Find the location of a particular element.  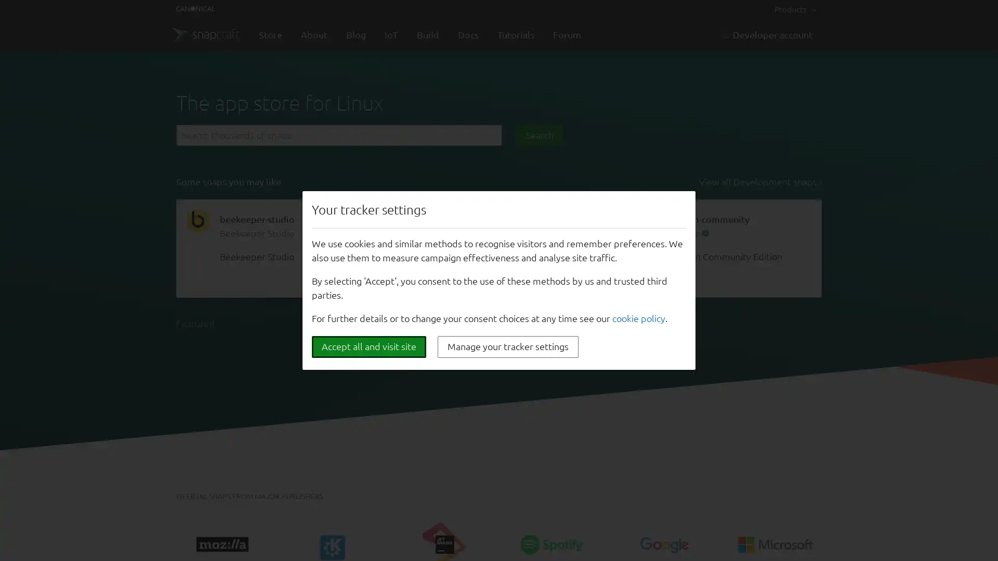

Accept all and visit site is located at coordinates (369, 346).